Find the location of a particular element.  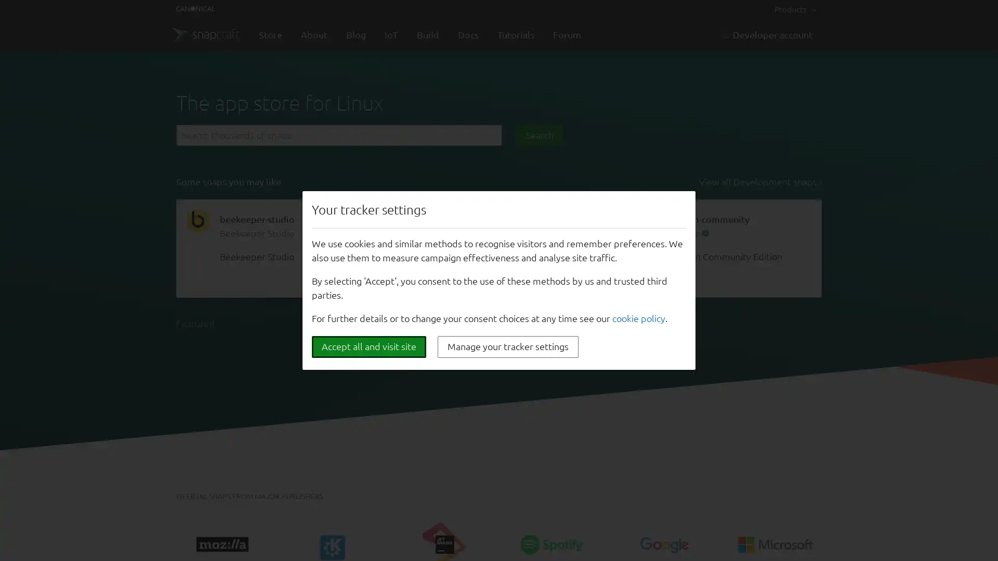

Accept all and visit site is located at coordinates (369, 346).